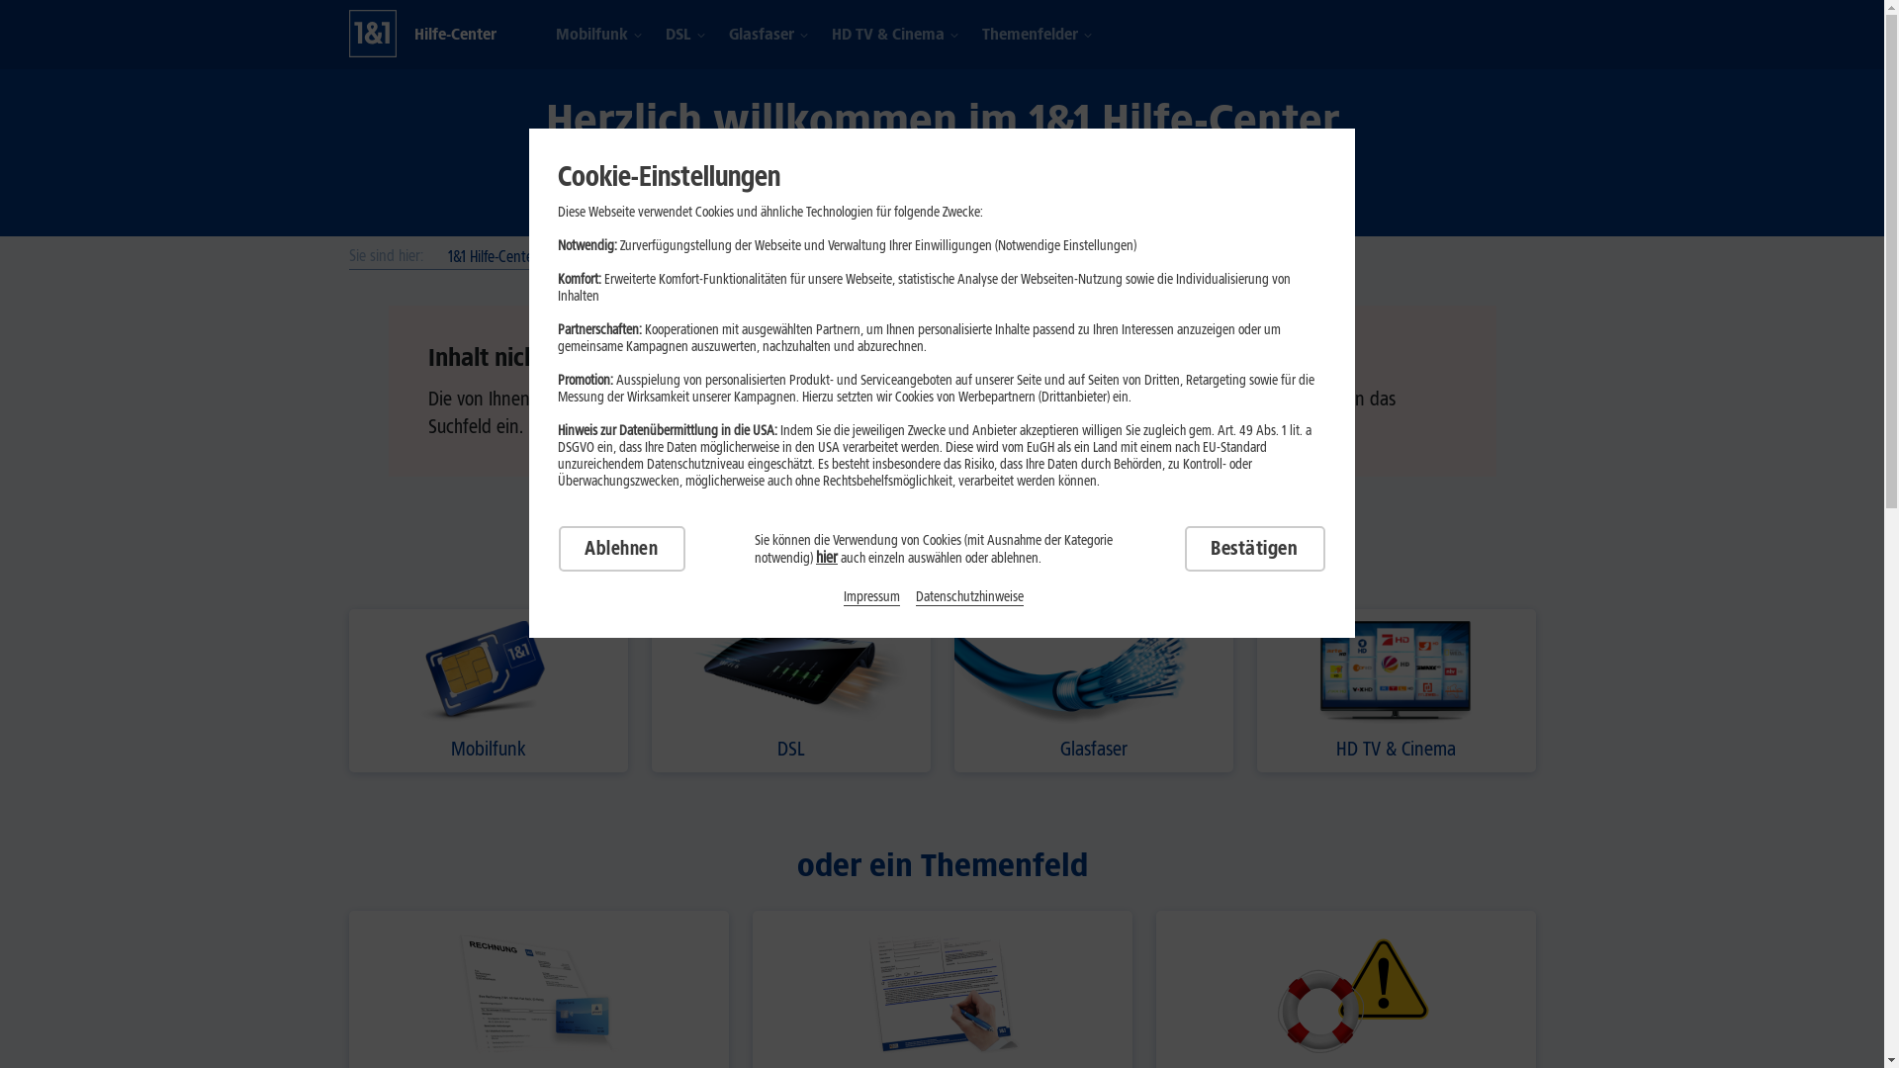 Image resolution: width=1899 pixels, height=1068 pixels. Describe the element at coordinates (1091, 689) in the screenshot. I see `'Glasfaser'` at that location.